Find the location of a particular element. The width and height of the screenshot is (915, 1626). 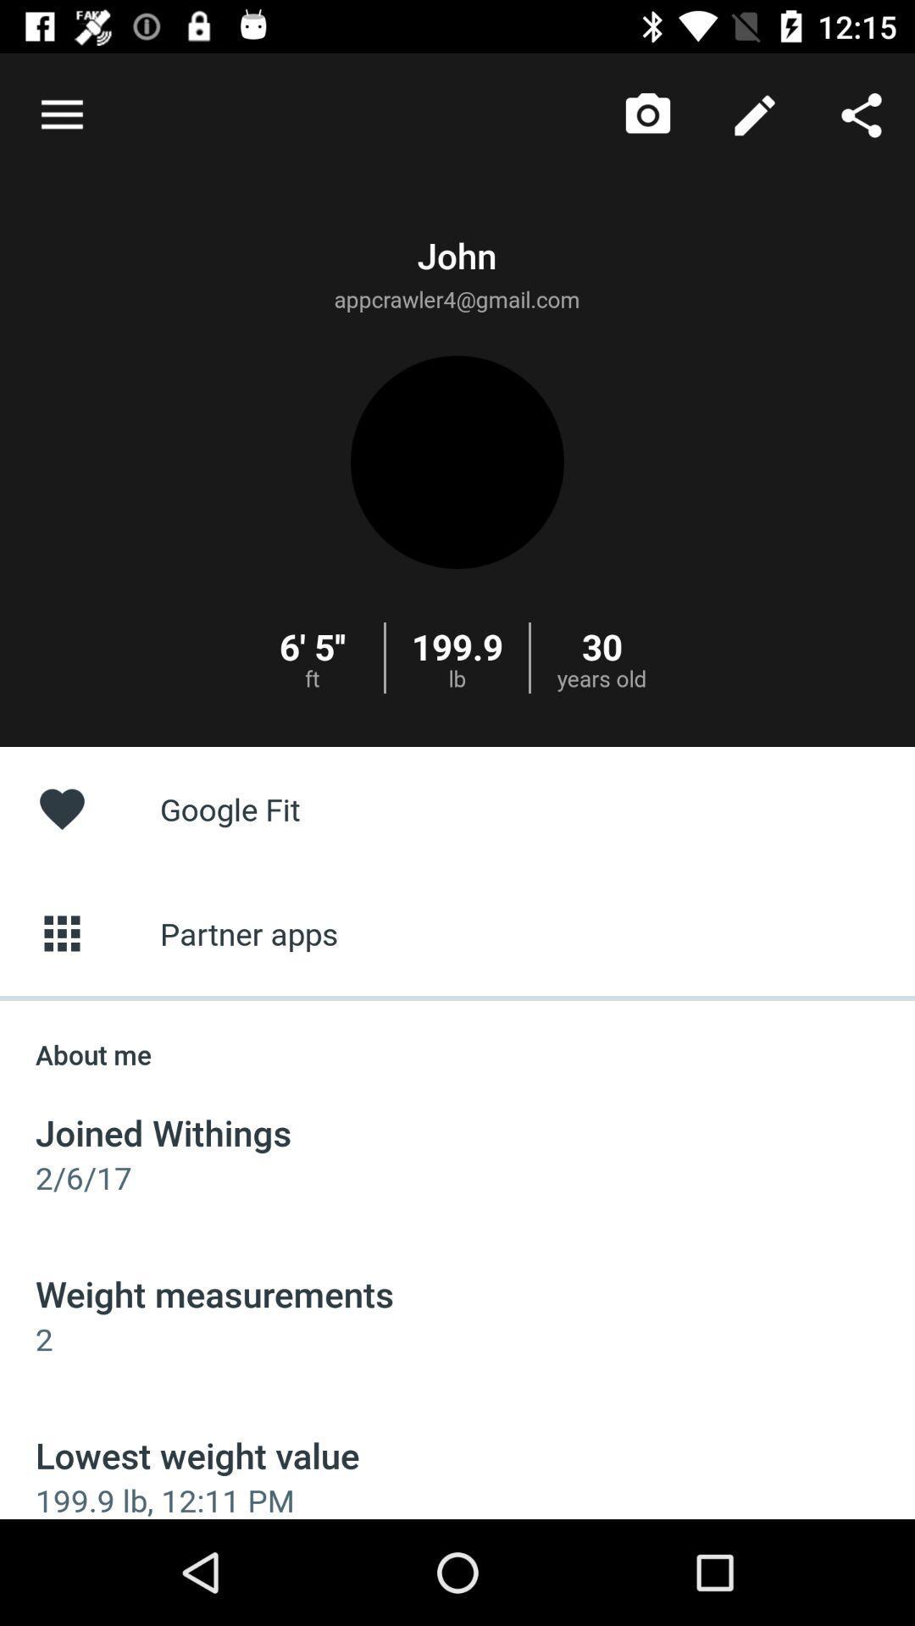

the icon above the partner apps icon is located at coordinates (457, 808).